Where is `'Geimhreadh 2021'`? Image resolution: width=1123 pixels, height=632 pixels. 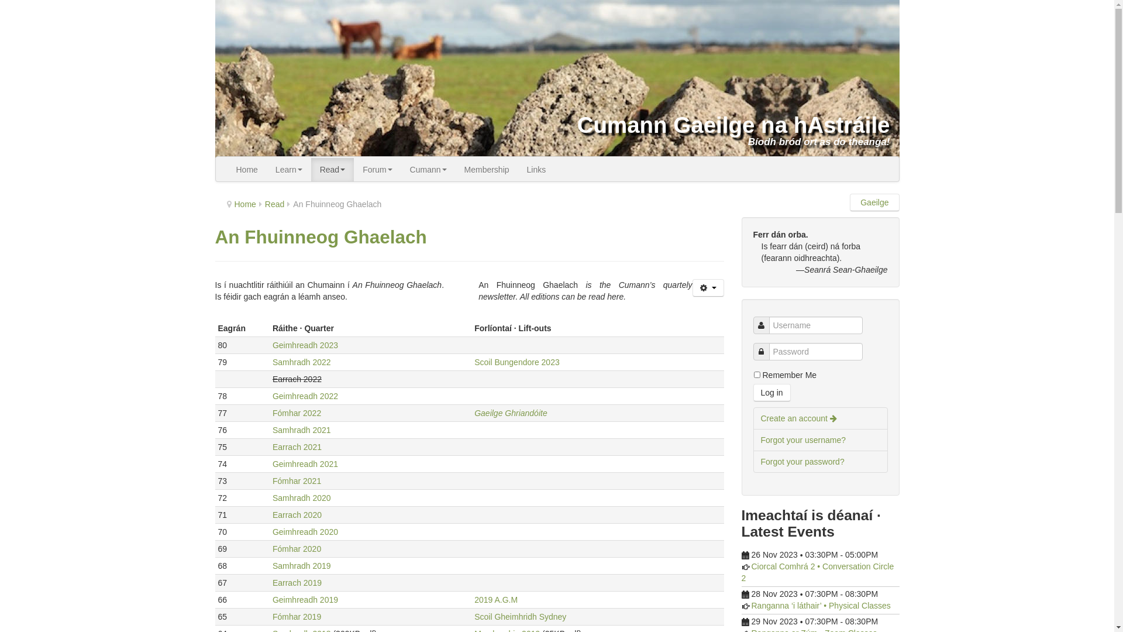
'Geimhreadh 2021' is located at coordinates (305, 463).